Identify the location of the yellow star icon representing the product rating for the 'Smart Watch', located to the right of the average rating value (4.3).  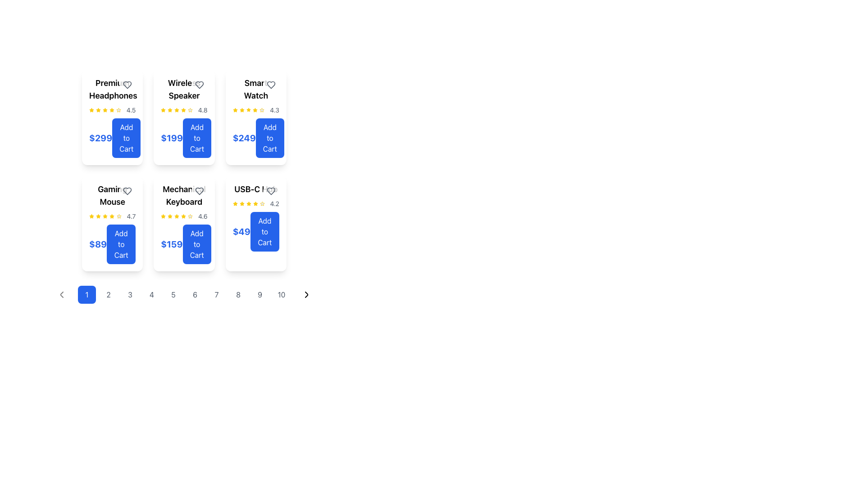
(261, 109).